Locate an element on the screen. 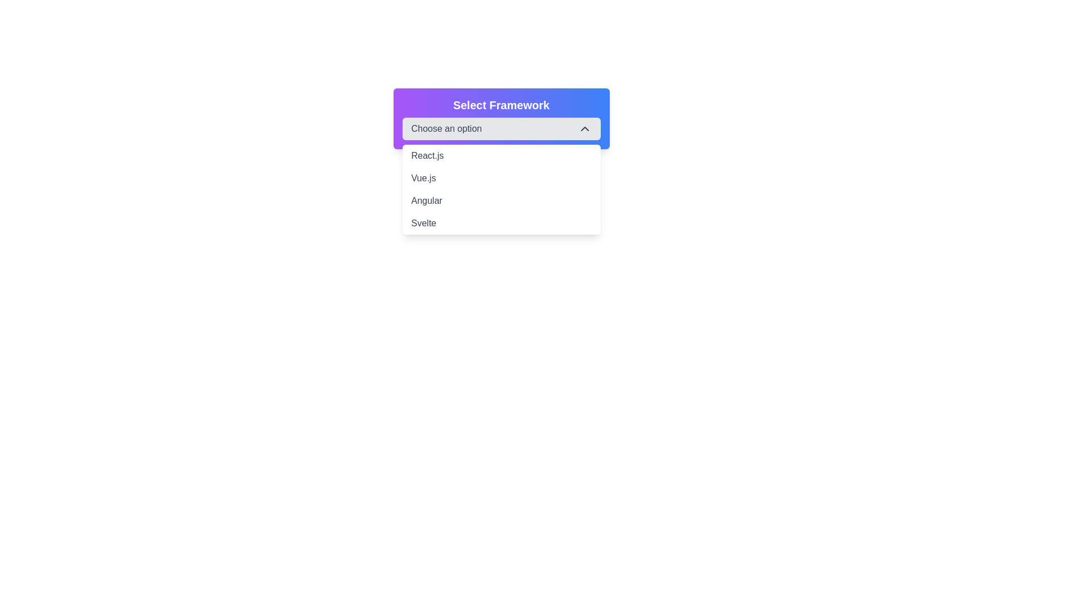 The width and height of the screenshot is (1081, 608). the dropdown menu located below the 'Choose an option' field is located at coordinates (501, 189).